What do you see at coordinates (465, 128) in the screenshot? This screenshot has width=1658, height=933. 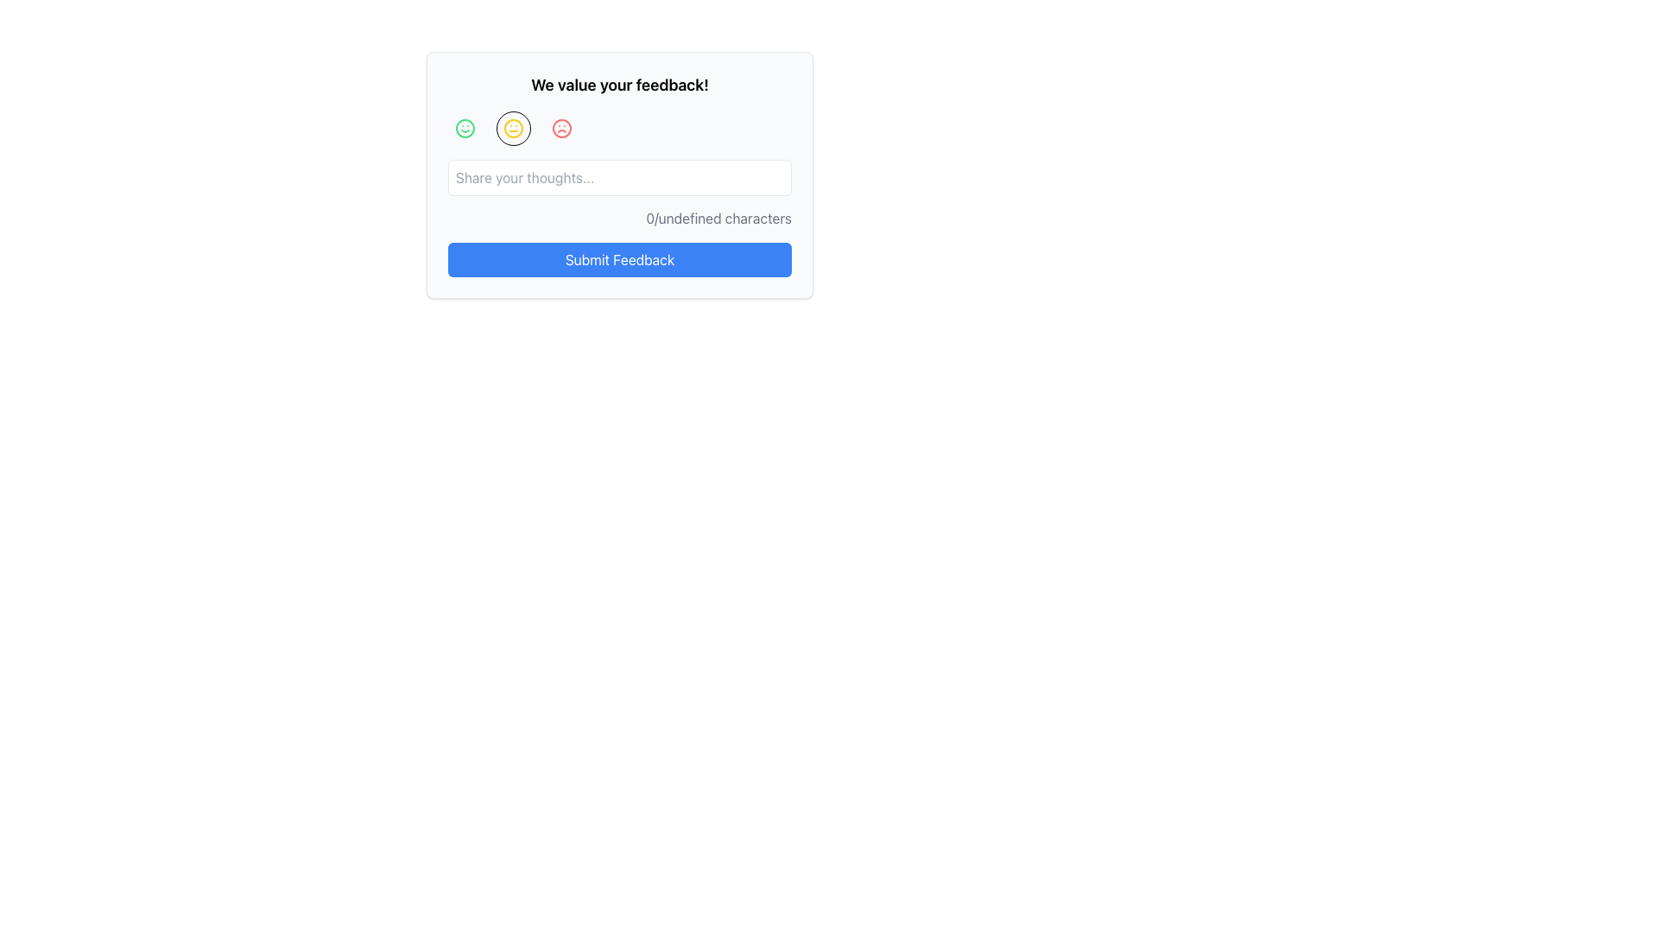 I see `the smiley face icon representing positive feedback in the rating system` at bounding box center [465, 128].